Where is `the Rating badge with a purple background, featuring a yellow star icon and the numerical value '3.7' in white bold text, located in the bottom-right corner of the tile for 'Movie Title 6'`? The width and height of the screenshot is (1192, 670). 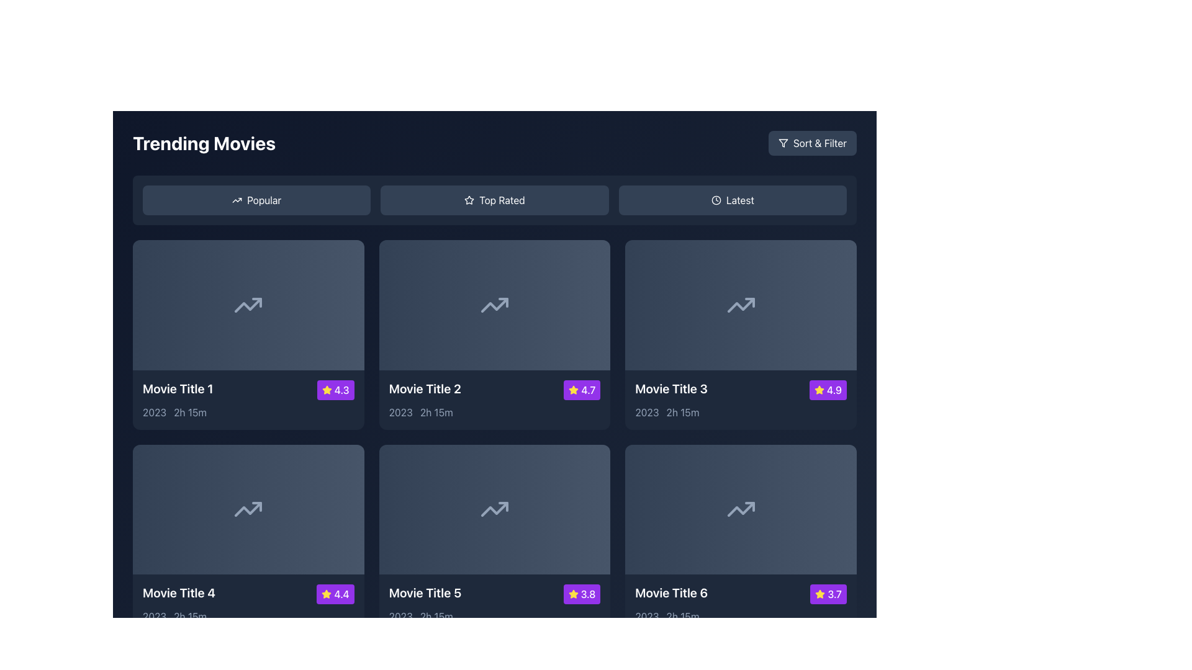
the Rating badge with a purple background, featuring a yellow star icon and the numerical value '3.7' in white bold text, located in the bottom-right corner of the tile for 'Movie Title 6' is located at coordinates (828, 594).